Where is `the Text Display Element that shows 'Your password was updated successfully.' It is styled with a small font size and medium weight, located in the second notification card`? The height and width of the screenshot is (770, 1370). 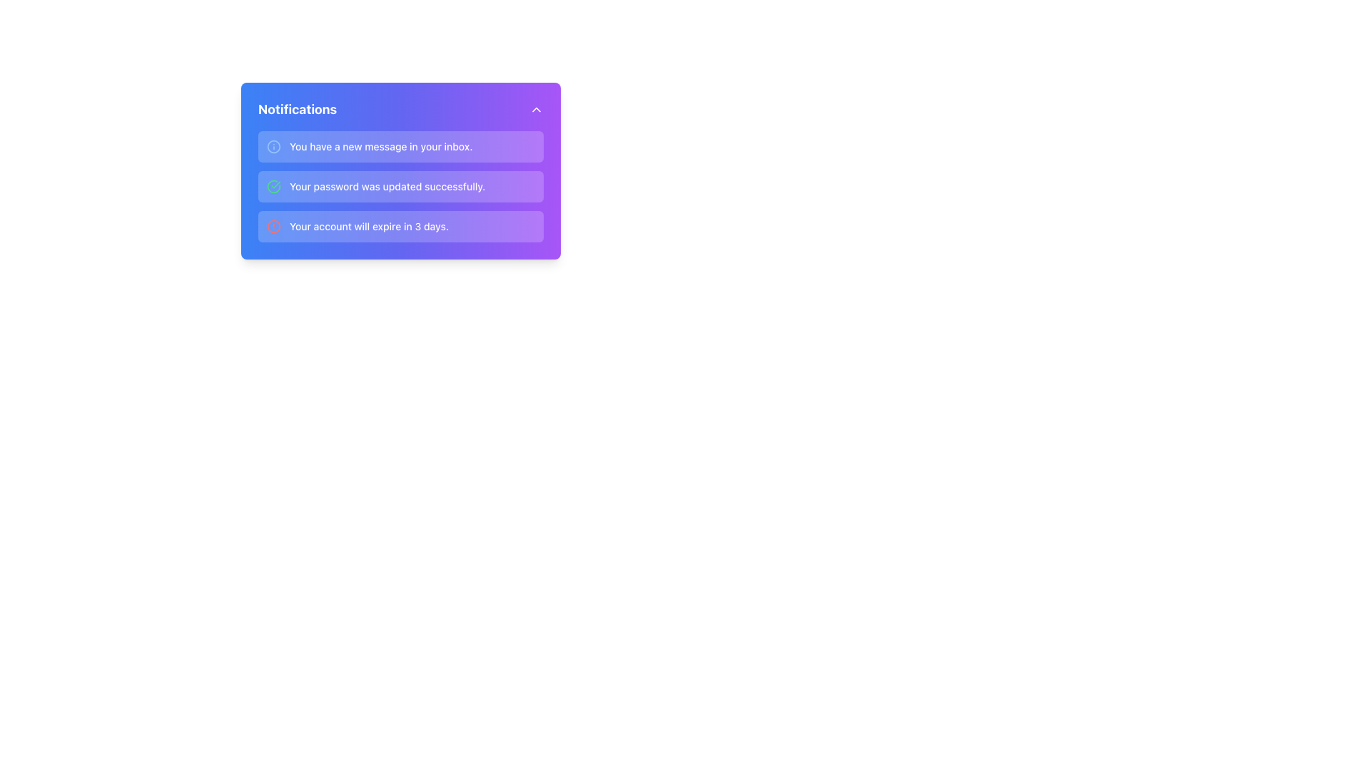
the Text Display Element that shows 'Your password was updated successfully.' It is styled with a small font size and medium weight, located in the second notification card is located at coordinates (387, 186).